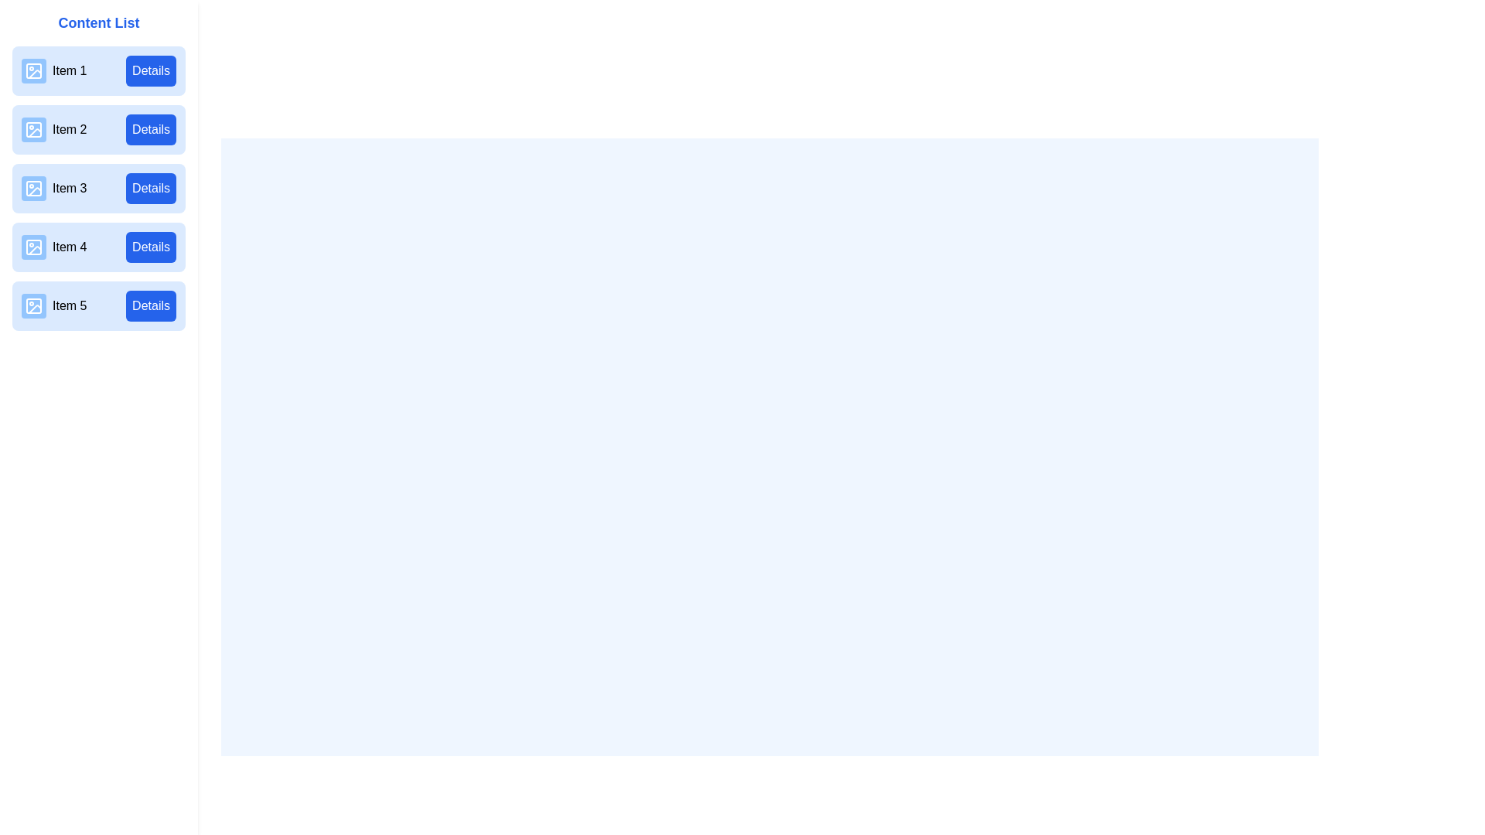  I want to click on the blue button with rounded corners labeled 'Details' to observe additional styling effects, so click(151, 71).